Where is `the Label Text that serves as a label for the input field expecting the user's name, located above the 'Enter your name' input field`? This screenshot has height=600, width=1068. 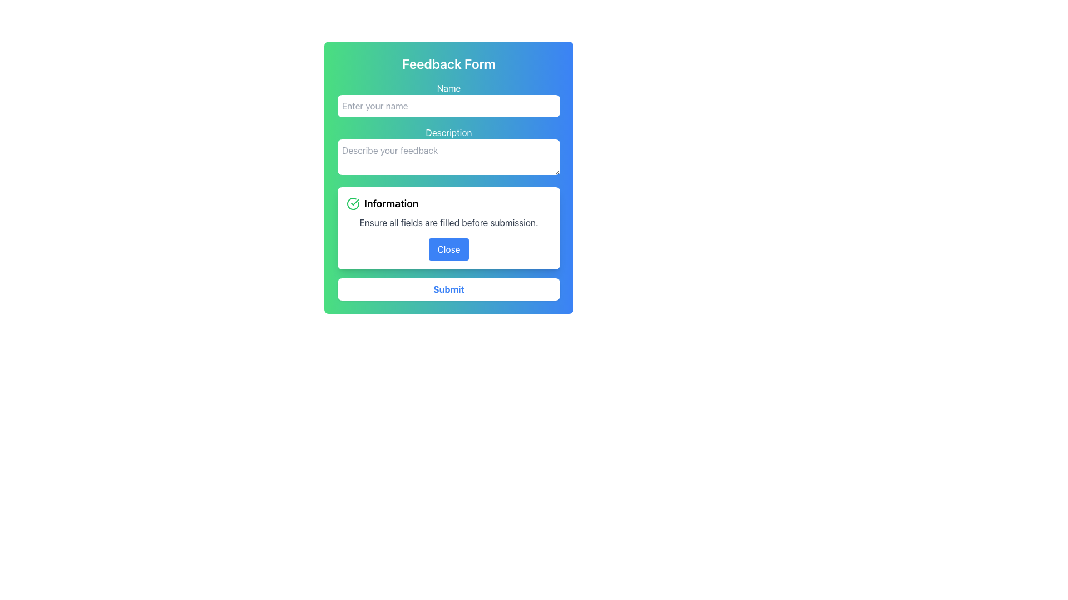
the Label Text that serves as a label for the input field expecting the user's name, located above the 'Enter your name' input field is located at coordinates (448, 87).